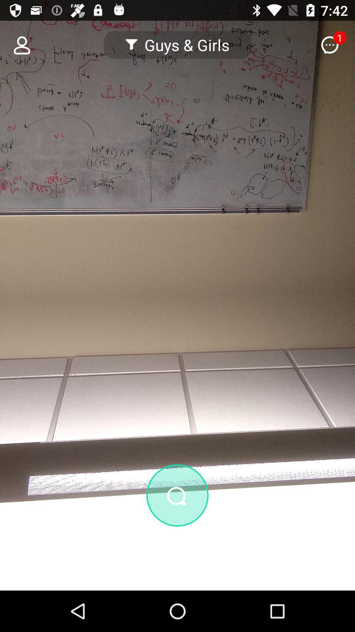 The height and width of the screenshot is (632, 355). I want to click on zoom in, so click(177, 495).